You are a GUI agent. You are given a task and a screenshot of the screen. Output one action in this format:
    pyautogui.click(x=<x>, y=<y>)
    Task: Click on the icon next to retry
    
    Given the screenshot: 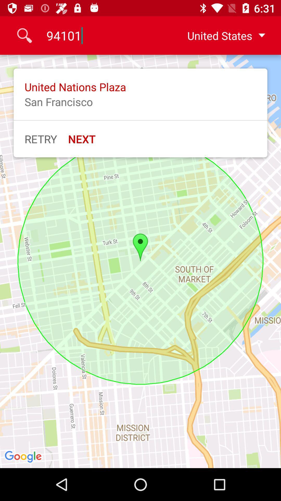 What is the action you would take?
    pyautogui.click(x=82, y=139)
    